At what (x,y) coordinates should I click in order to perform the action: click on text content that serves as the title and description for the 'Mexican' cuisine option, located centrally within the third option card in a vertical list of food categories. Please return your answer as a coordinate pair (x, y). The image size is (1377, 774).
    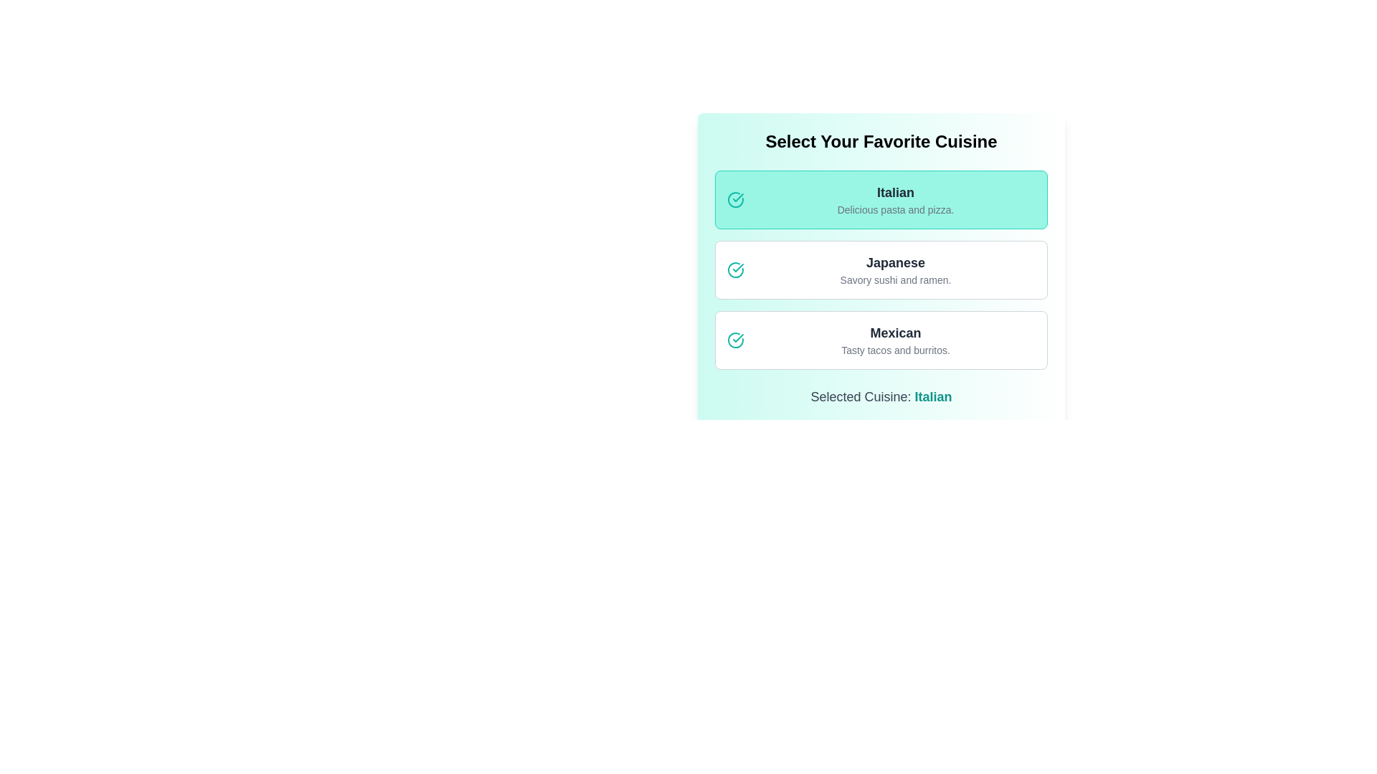
    Looking at the image, I should click on (894, 340).